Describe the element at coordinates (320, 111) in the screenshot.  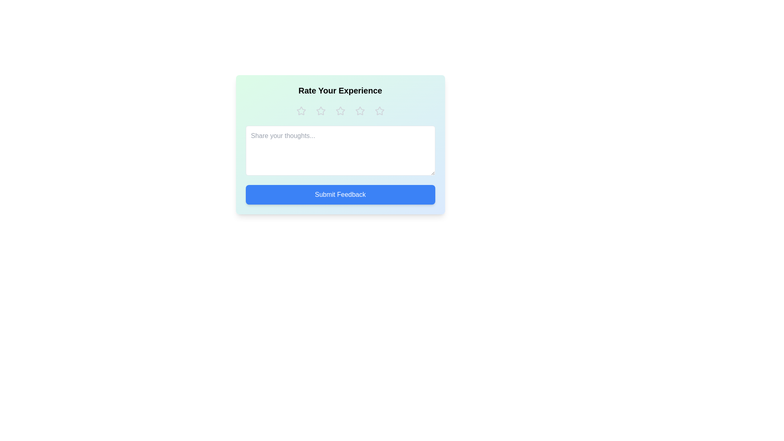
I see `the star corresponding to 2 to preview the rating` at that location.